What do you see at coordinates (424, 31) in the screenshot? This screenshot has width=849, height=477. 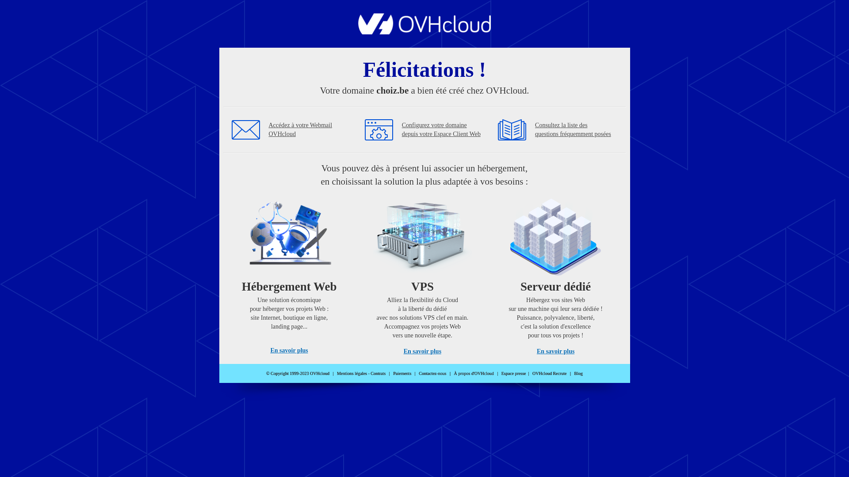 I see `'OVHcloud'` at bounding box center [424, 31].